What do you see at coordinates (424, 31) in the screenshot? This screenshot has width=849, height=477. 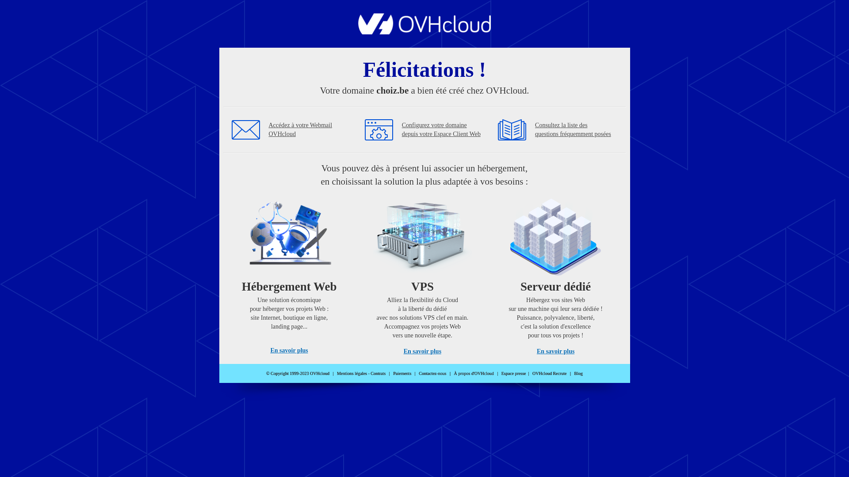 I see `'OVHcloud'` at bounding box center [424, 31].